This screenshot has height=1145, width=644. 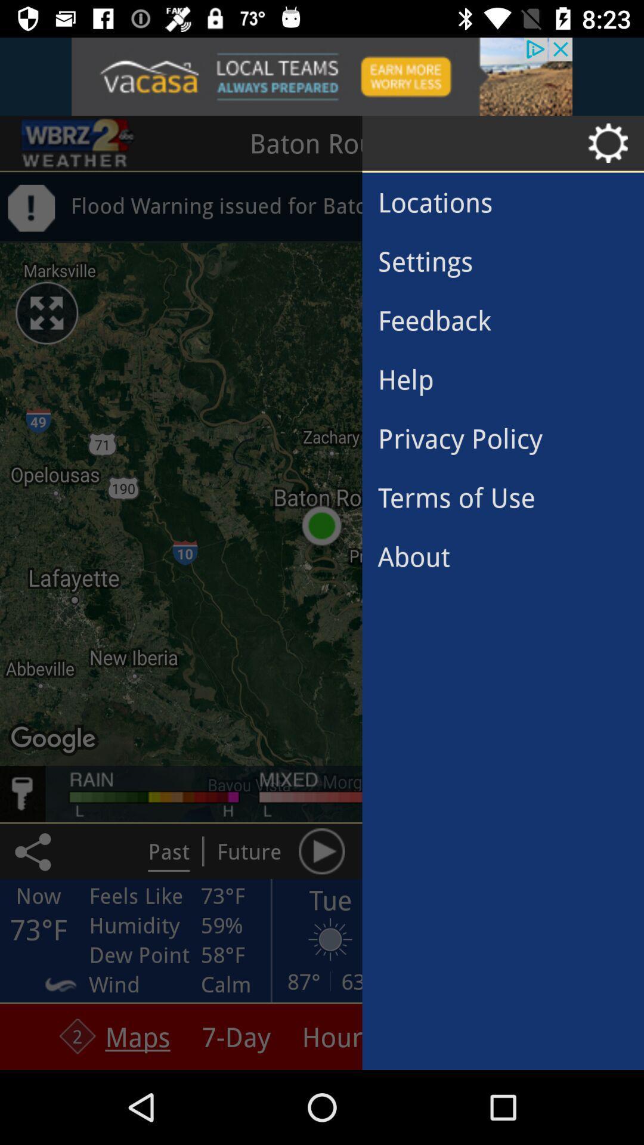 What do you see at coordinates (78, 143) in the screenshot?
I see `the date_range icon` at bounding box center [78, 143].